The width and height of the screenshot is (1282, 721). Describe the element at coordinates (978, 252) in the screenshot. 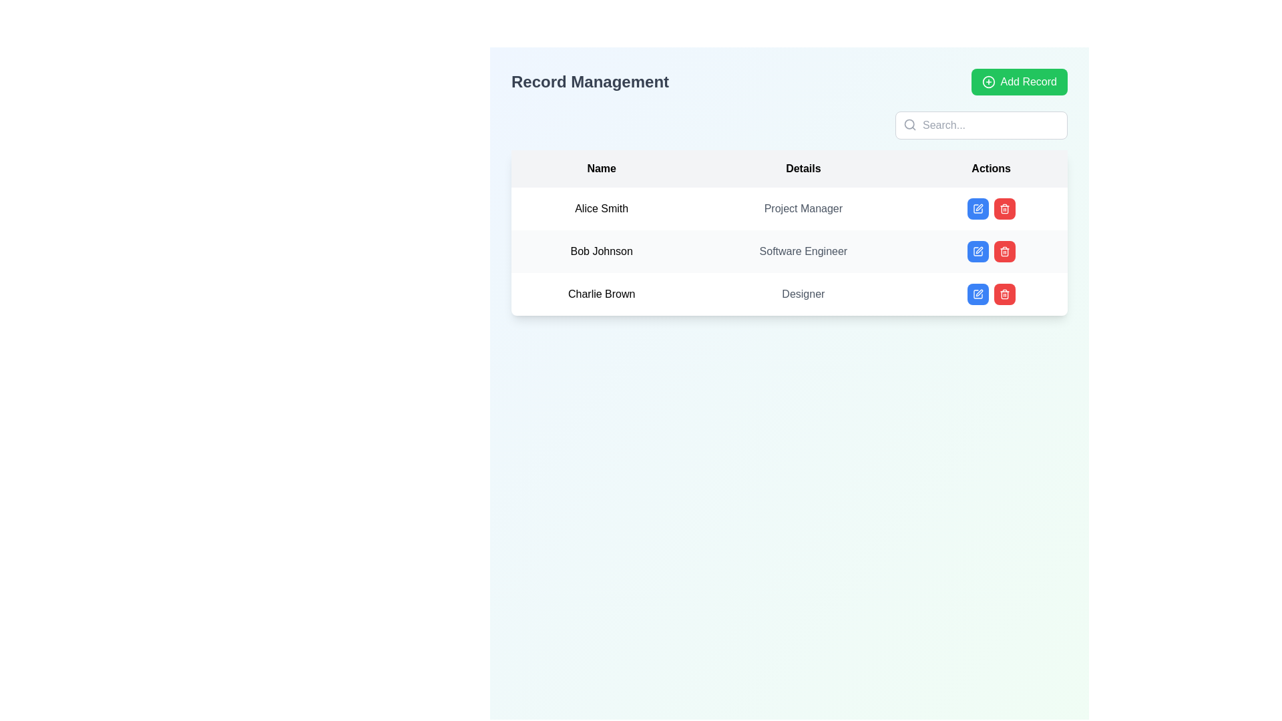

I see `the edit icon, which is a pen-like graphic with a blue background and white outline, located in the second row of the 'Actions' column in the table` at that location.